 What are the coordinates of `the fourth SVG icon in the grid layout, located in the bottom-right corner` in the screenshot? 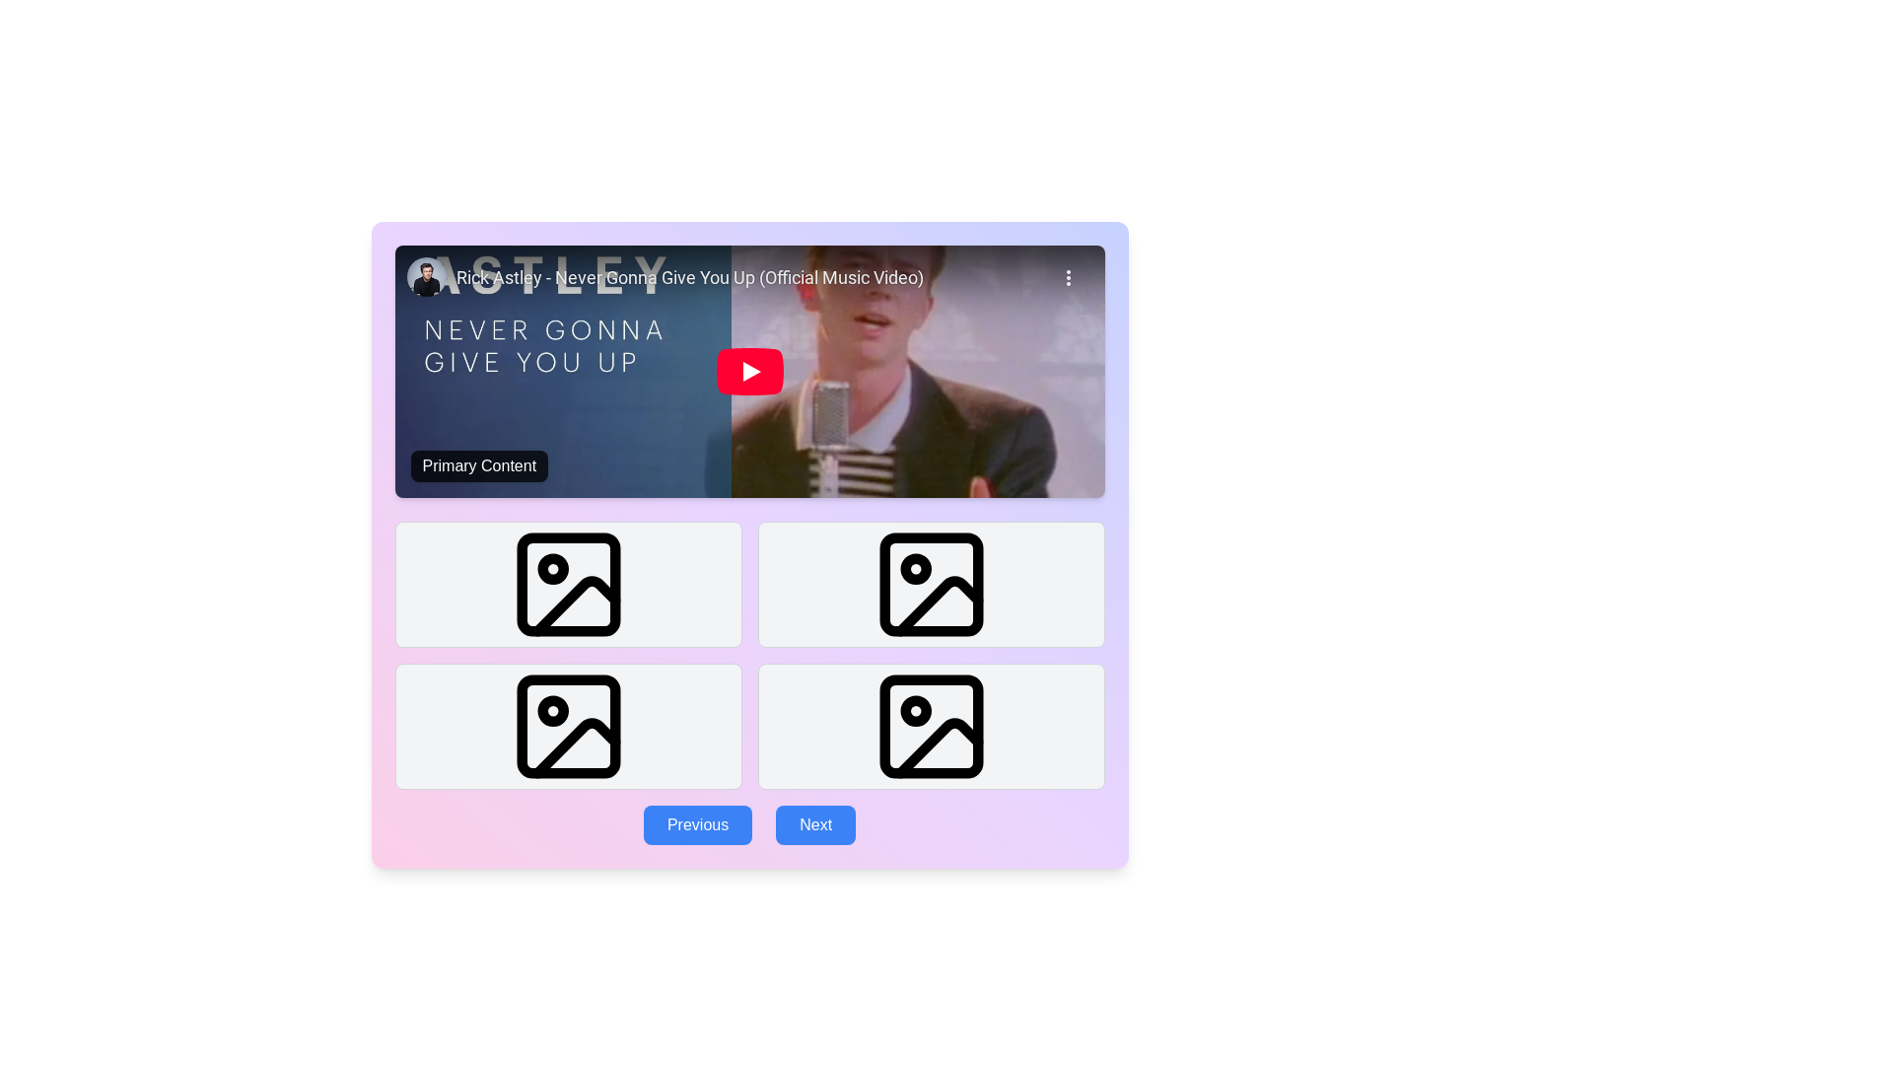 It's located at (930, 726).